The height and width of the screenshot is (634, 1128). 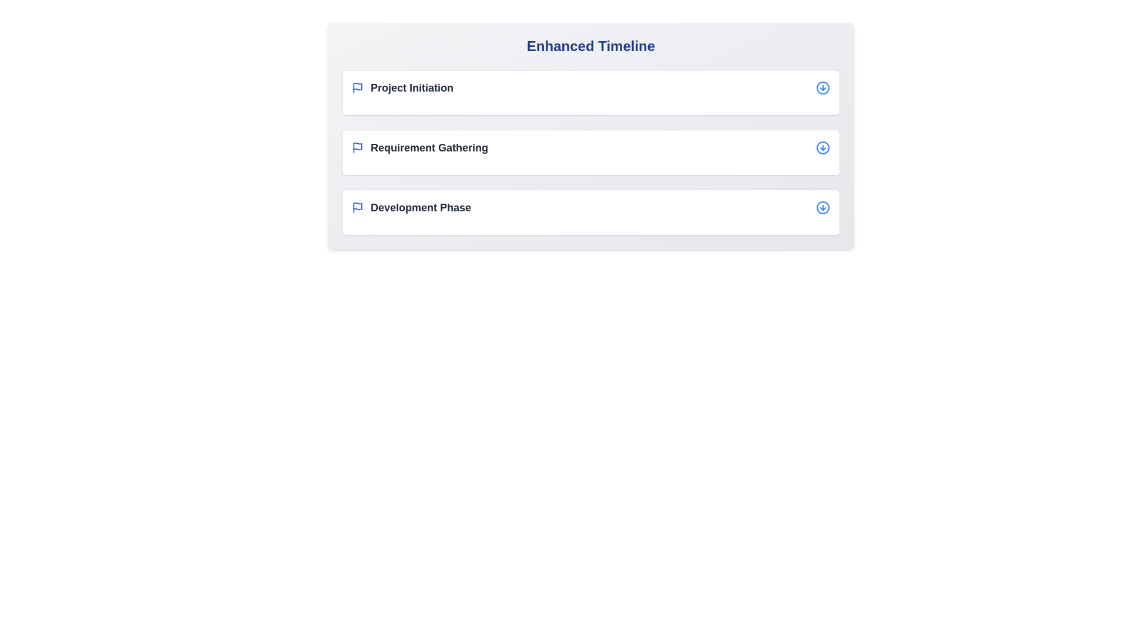 What do you see at coordinates (421, 207) in the screenshot?
I see `the text label reading 'Development Phase', which is styled in bold dark gray color and is the title of the third item in the vertically stacked list within the 'Enhanced Timeline' card` at bounding box center [421, 207].